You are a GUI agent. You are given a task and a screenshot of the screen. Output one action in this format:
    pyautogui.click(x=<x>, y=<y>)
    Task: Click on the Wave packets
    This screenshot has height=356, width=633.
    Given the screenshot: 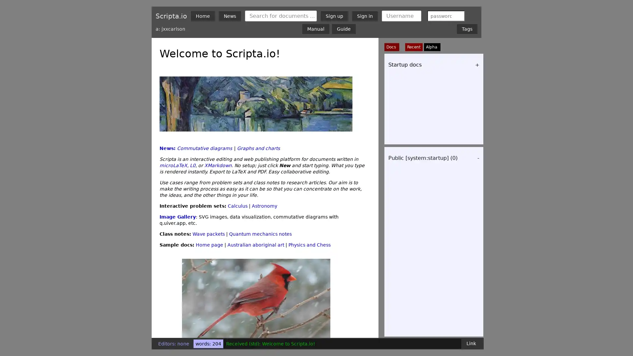 What is the action you would take?
    pyautogui.click(x=208, y=233)
    